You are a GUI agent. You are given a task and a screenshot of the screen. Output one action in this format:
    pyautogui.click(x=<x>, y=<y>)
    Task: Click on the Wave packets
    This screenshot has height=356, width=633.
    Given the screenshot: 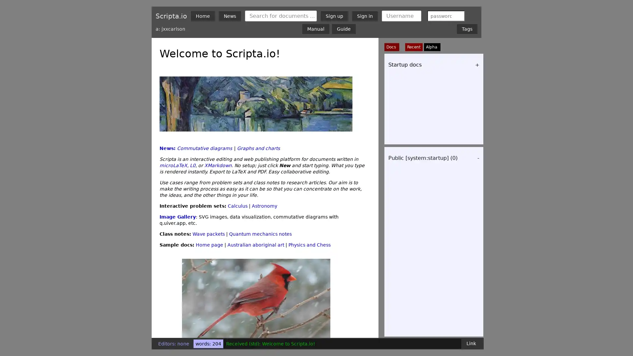 What is the action you would take?
    pyautogui.click(x=208, y=233)
    